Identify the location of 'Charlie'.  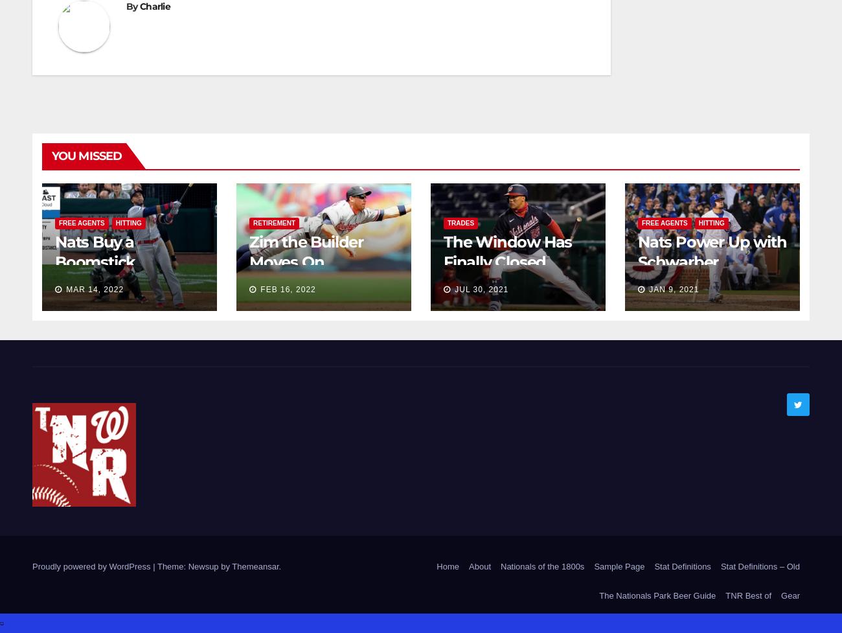
(154, 6).